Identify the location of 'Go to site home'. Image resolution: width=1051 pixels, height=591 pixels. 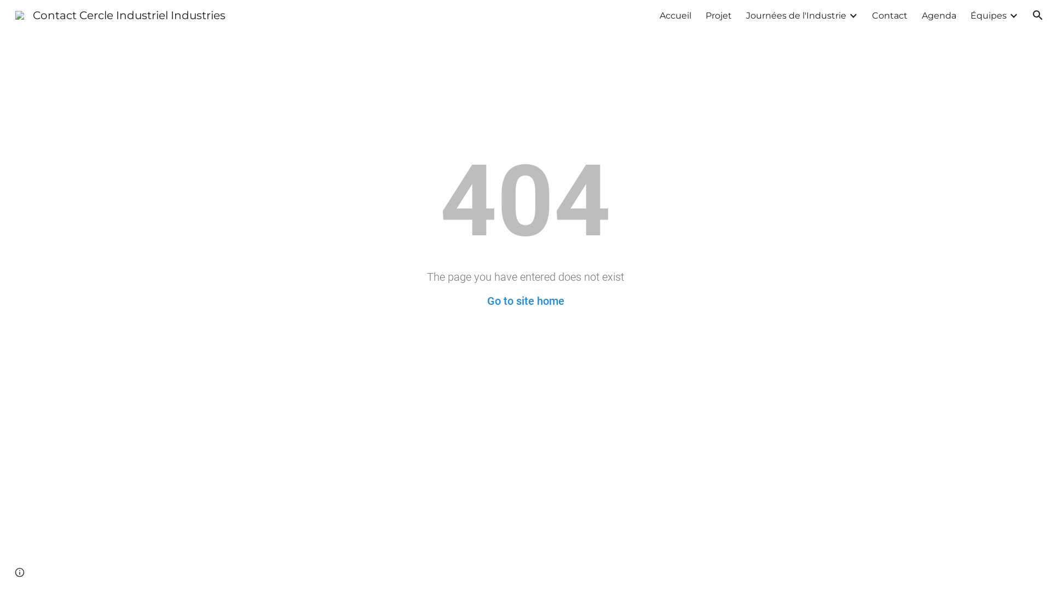
(525, 301).